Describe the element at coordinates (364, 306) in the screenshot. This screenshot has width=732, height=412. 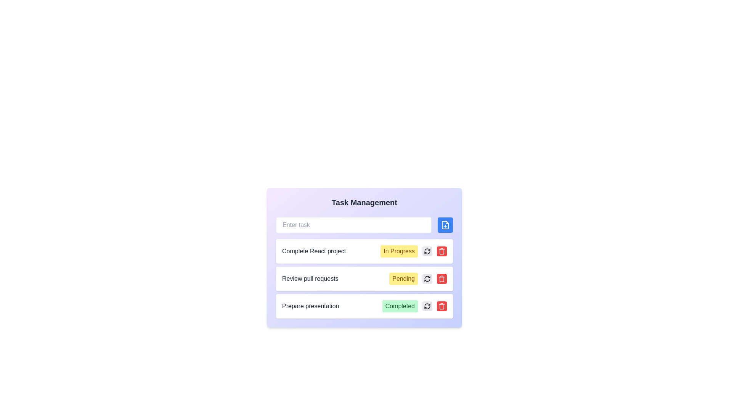
I see `the buttons on the task card titled 'Prepare presentation' which is the third task card in the vertical list under 'Task Management'` at that location.